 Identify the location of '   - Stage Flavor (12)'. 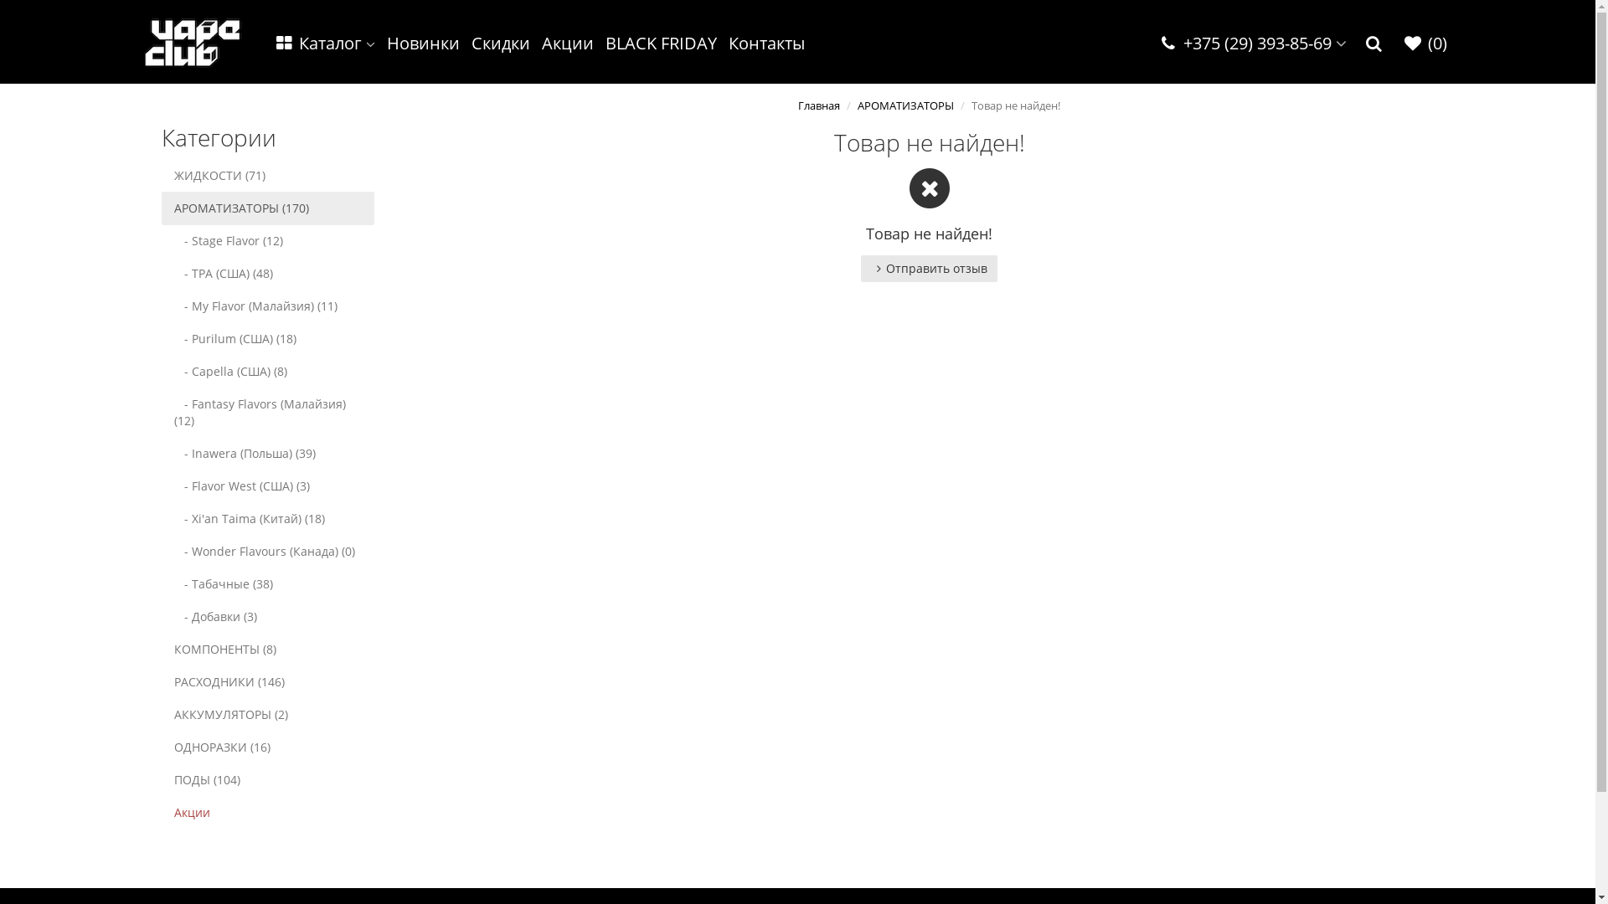
(265, 241).